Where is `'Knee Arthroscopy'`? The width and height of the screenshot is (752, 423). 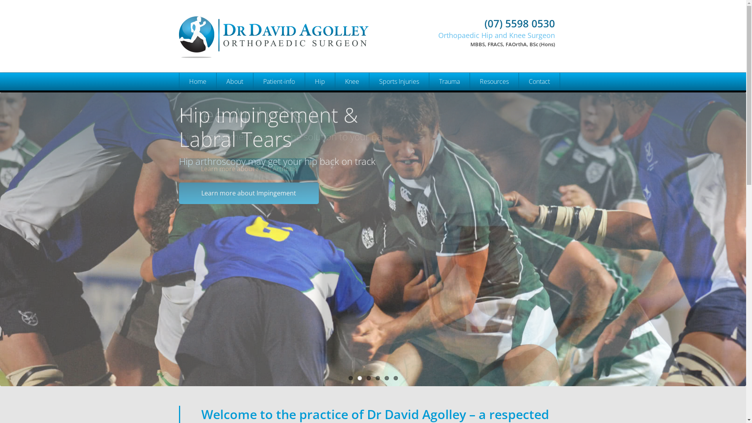 'Knee Arthroscopy' is located at coordinates (351, 134).